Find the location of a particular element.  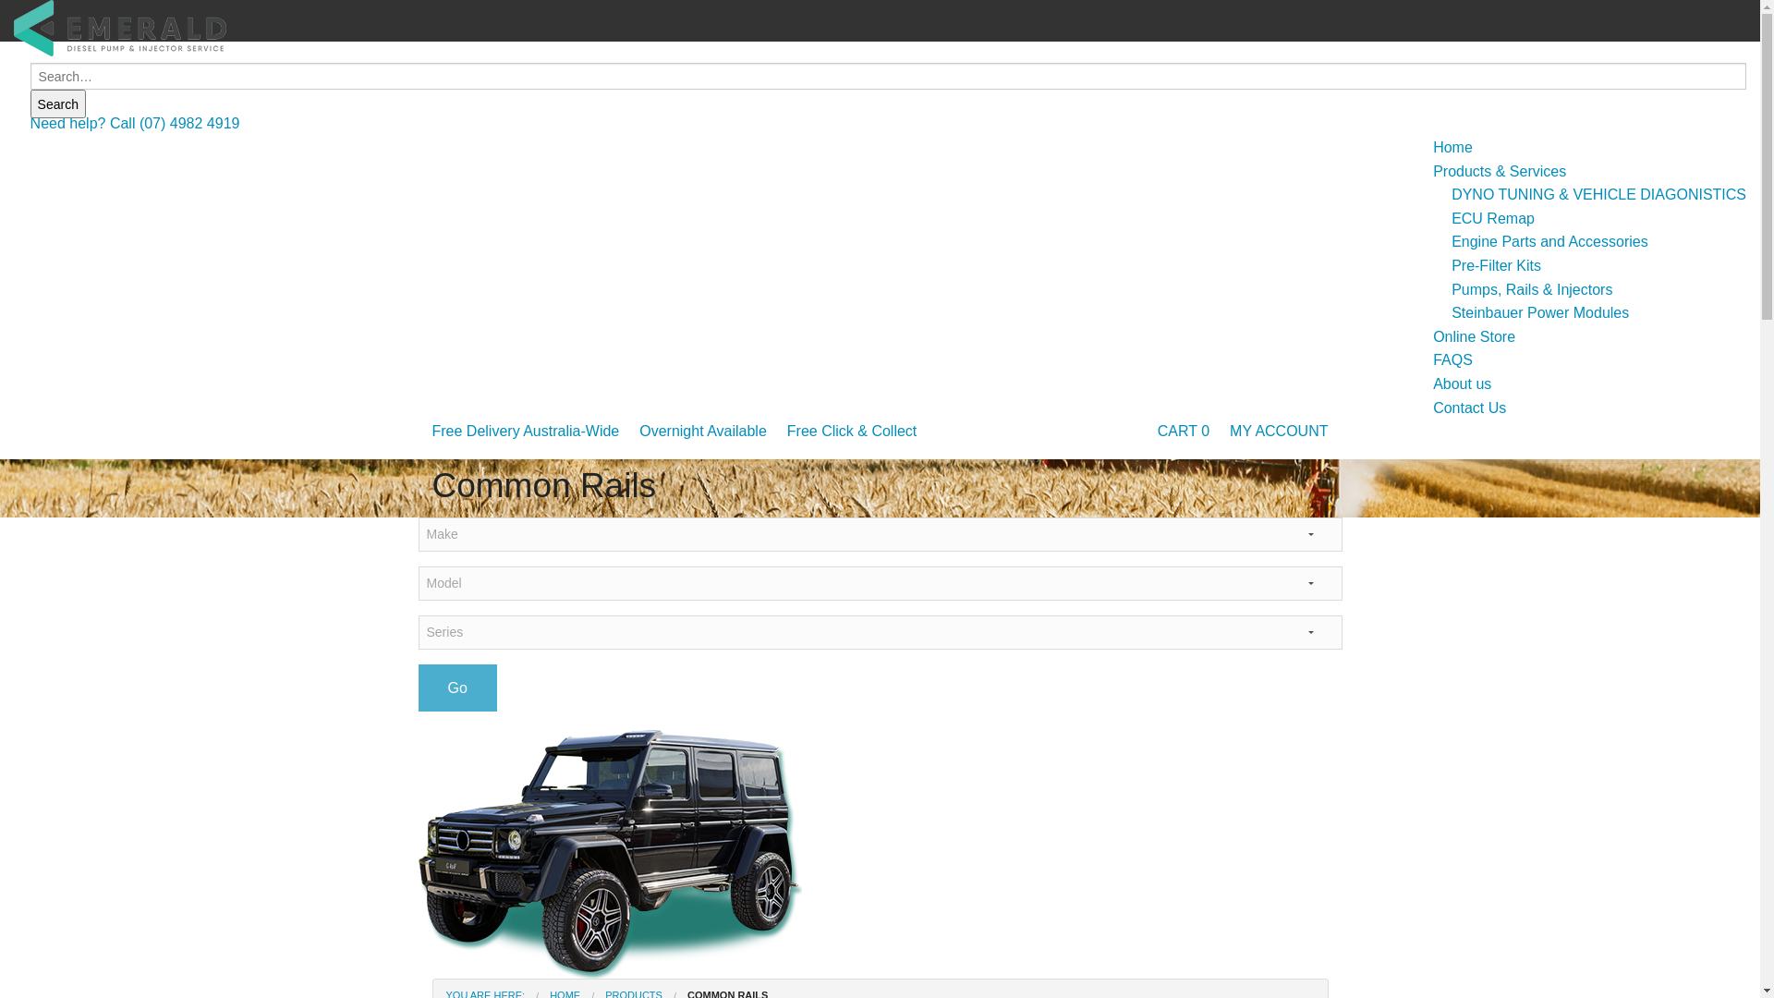

'CART 0' is located at coordinates (1156, 431).